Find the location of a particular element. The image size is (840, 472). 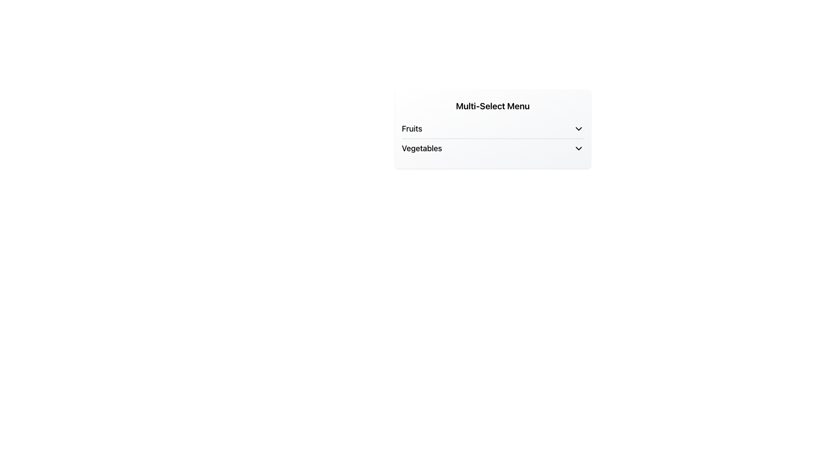

the downward-pointing chevron arrow icon with a black outline, located to the far right of the 'Fruits' menu item is located at coordinates (578, 128).